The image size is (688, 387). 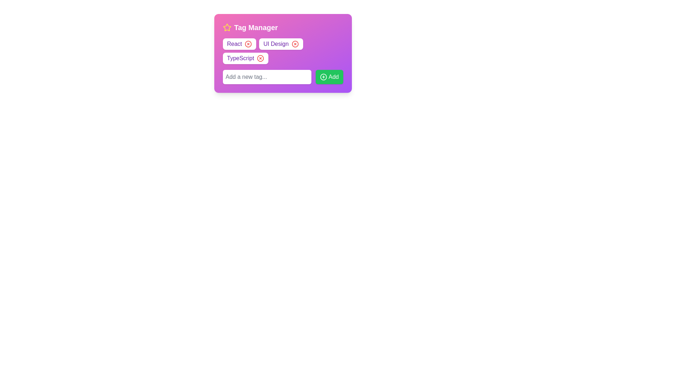 What do you see at coordinates (226, 27) in the screenshot?
I see `the star-shaped icon filled with yellow color, located to the left of the text 'Tag Manager' in the header section of the widget` at bounding box center [226, 27].